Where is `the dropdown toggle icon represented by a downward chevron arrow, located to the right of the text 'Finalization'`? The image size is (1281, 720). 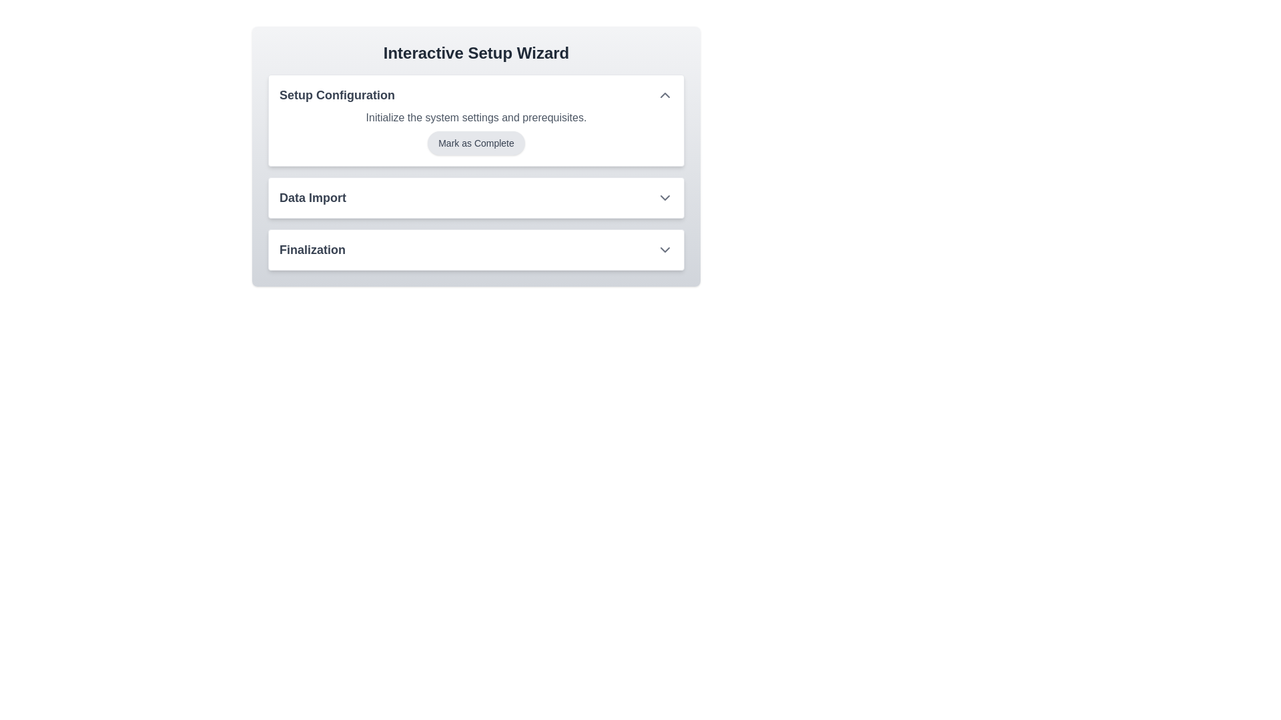 the dropdown toggle icon represented by a downward chevron arrow, located to the right of the text 'Finalization' is located at coordinates (665, 249).